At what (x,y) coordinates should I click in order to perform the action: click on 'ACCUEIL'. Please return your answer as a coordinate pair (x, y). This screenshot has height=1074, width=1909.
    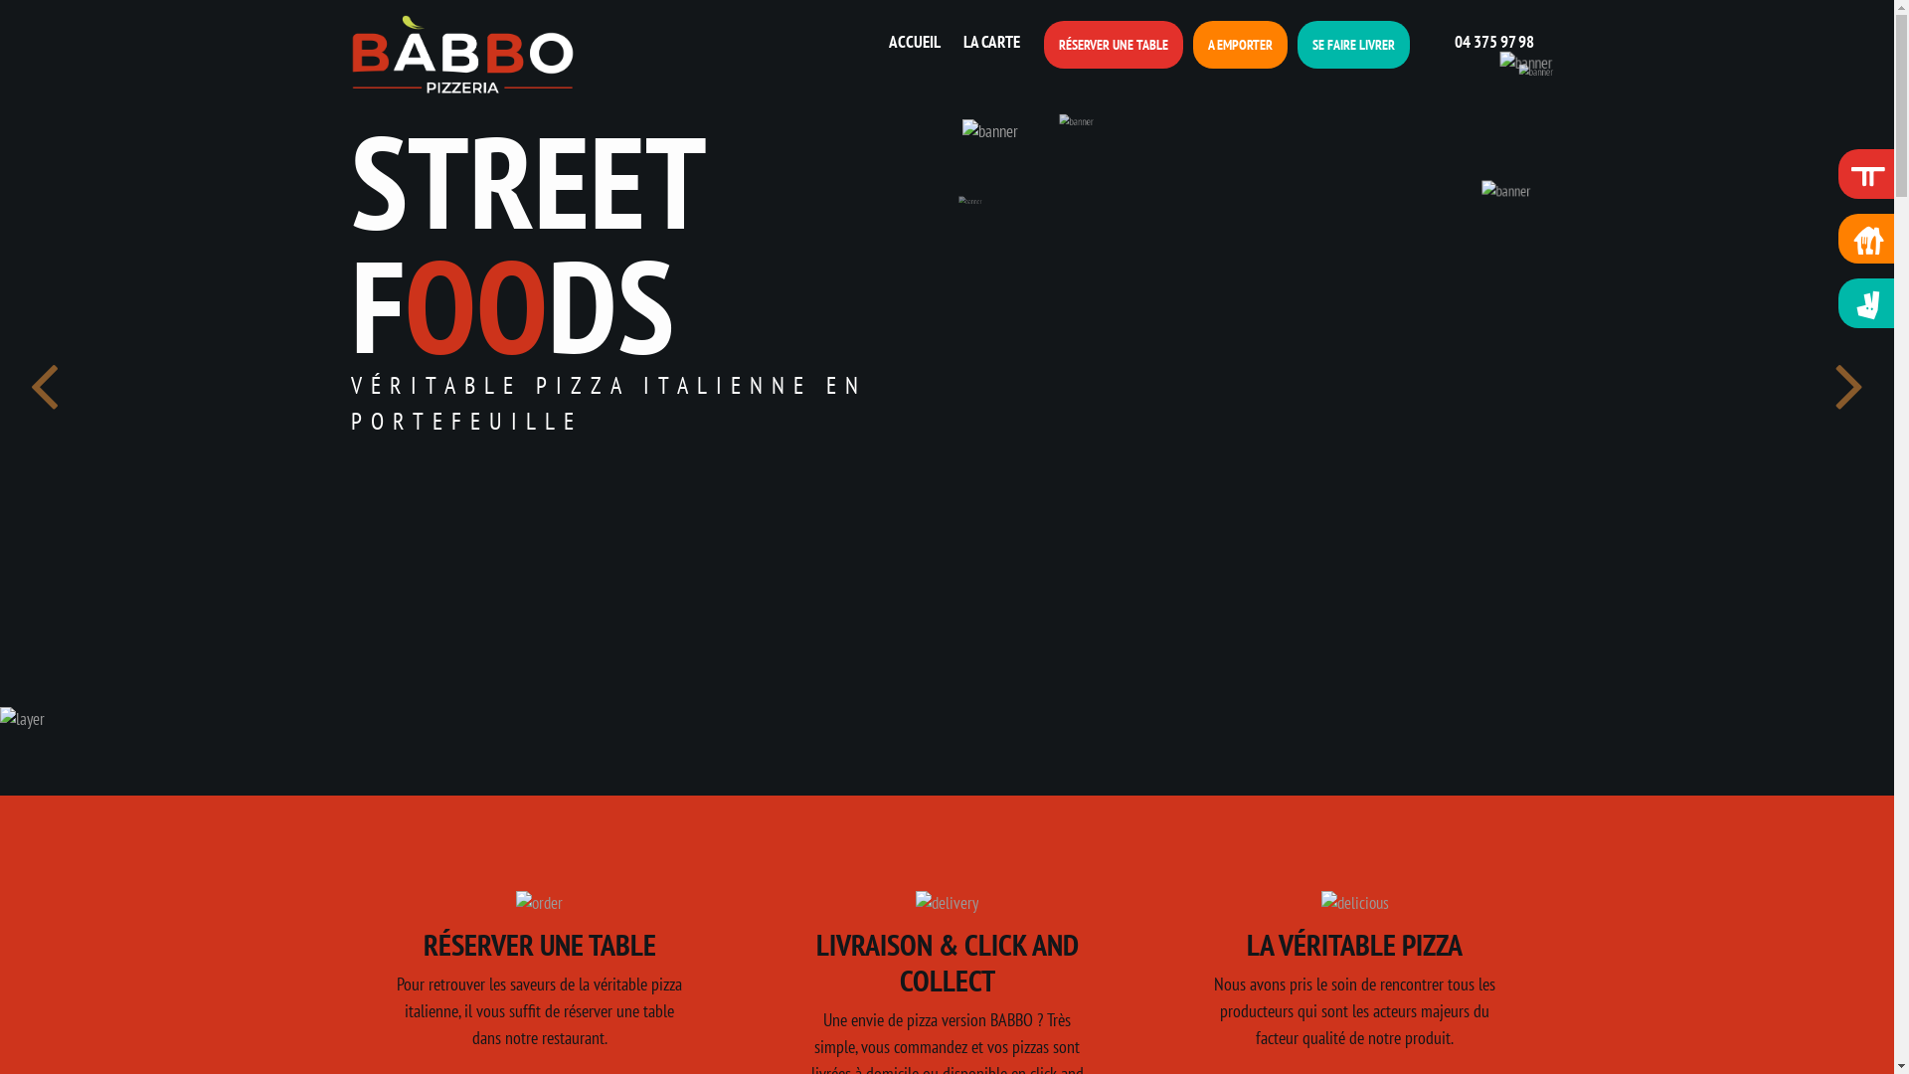
    Looking at the image, I should click on (880, 42).